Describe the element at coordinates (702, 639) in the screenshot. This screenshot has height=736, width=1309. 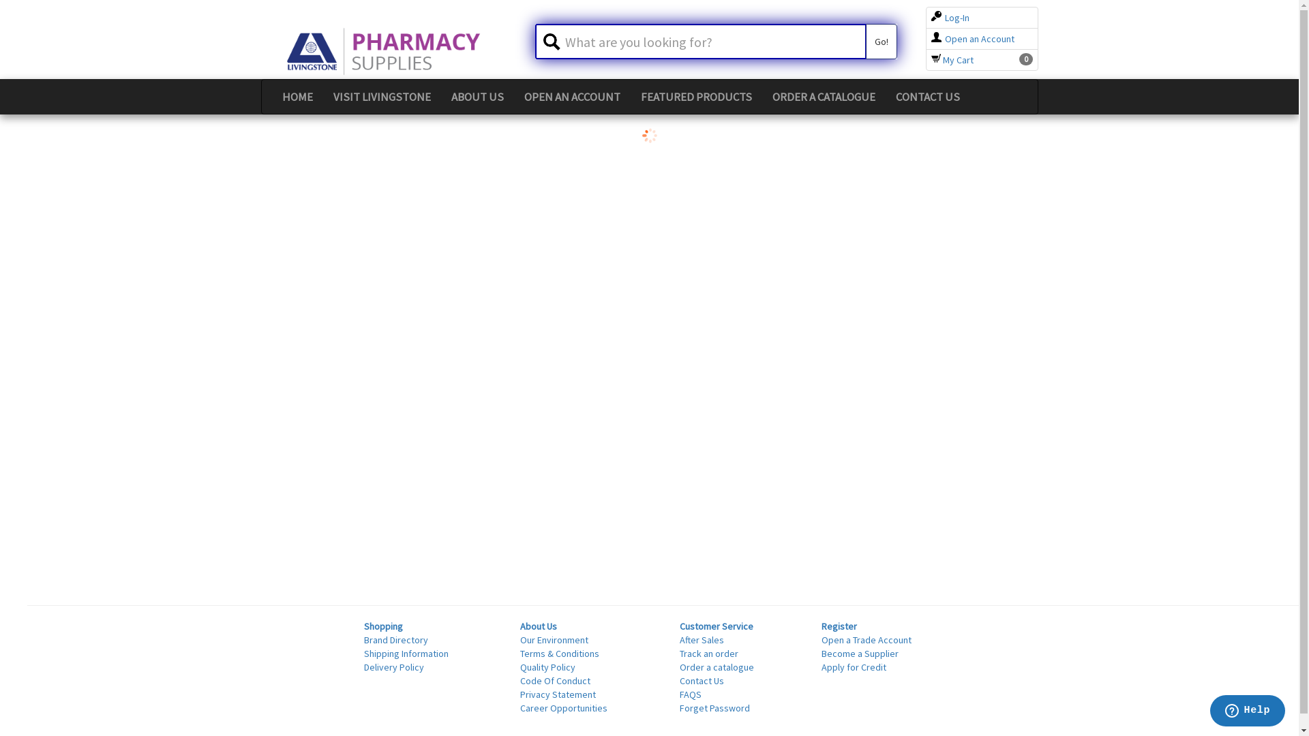
I see `'After Sales'` at that location.